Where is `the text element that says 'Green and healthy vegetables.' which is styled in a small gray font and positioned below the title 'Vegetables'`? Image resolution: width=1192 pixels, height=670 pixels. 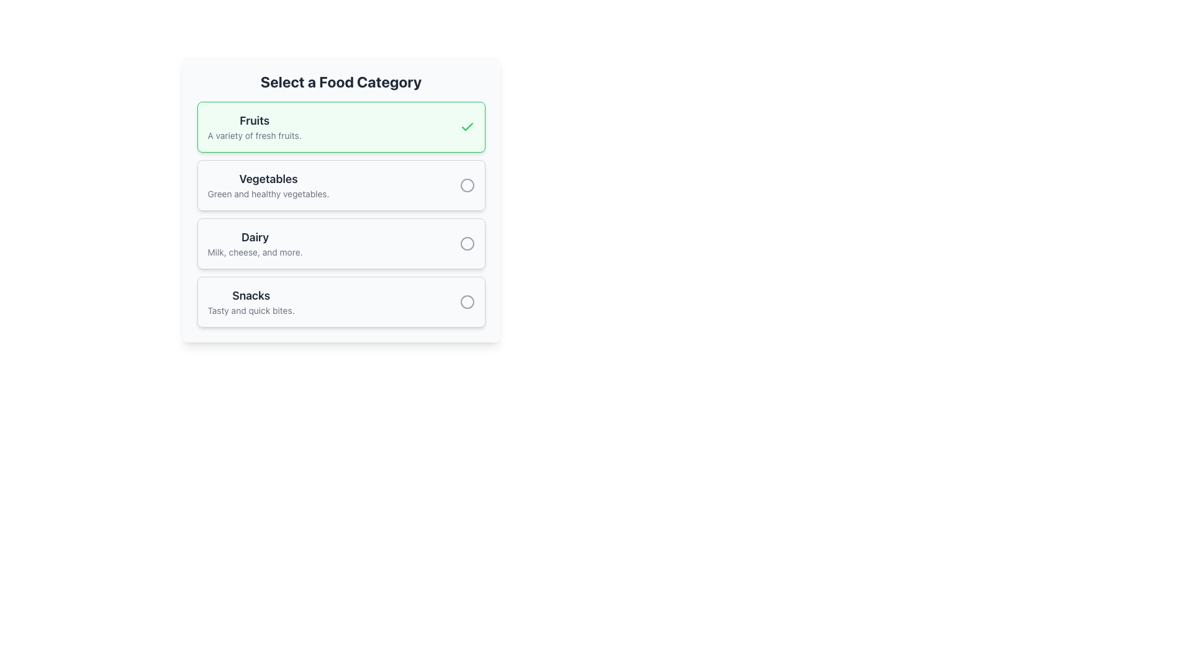 the text element that says 'Green and healthy vegetables.' which is styled in a small gray font and positioned below the title 'Vegetables' is located at coordinates (268, 194).